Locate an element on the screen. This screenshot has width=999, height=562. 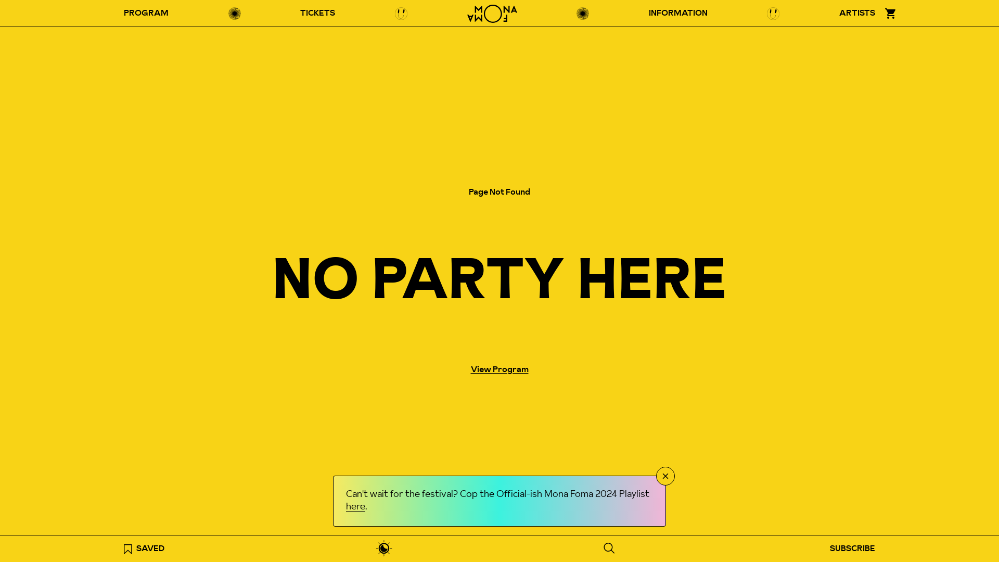
'PROGRAM' is located at coordinates (117, 14).